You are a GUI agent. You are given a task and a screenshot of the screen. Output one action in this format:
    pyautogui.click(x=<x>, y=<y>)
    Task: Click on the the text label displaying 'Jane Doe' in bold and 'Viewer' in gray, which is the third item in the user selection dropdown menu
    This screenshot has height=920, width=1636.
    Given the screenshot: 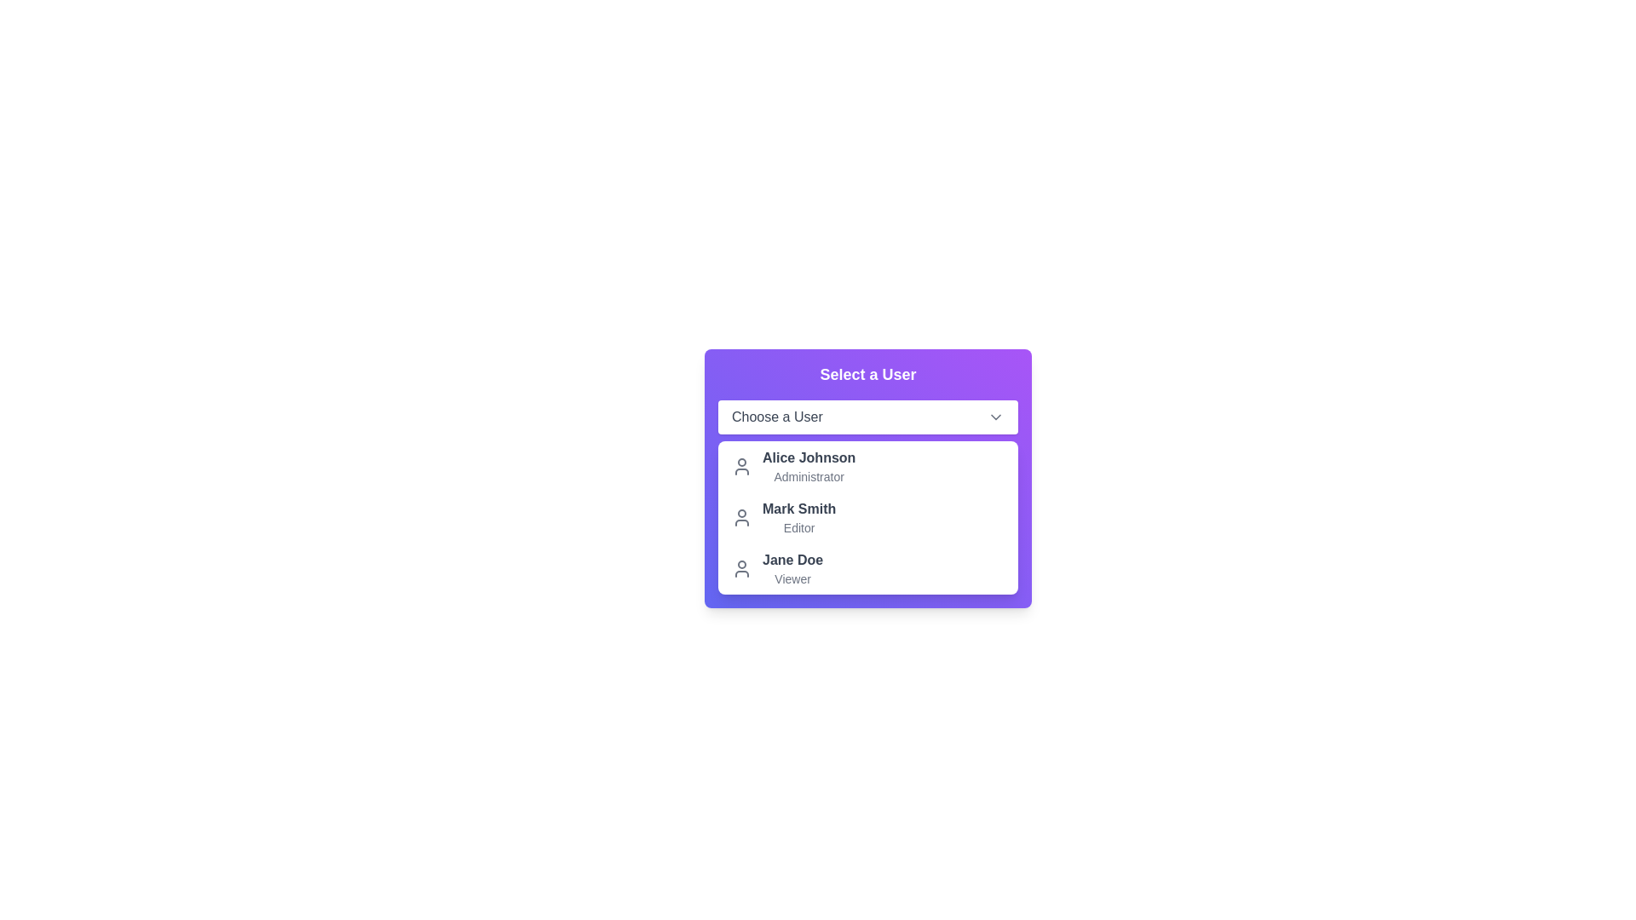 What is the action you would take?
    pyautogui.click(x=792, y=568)
    